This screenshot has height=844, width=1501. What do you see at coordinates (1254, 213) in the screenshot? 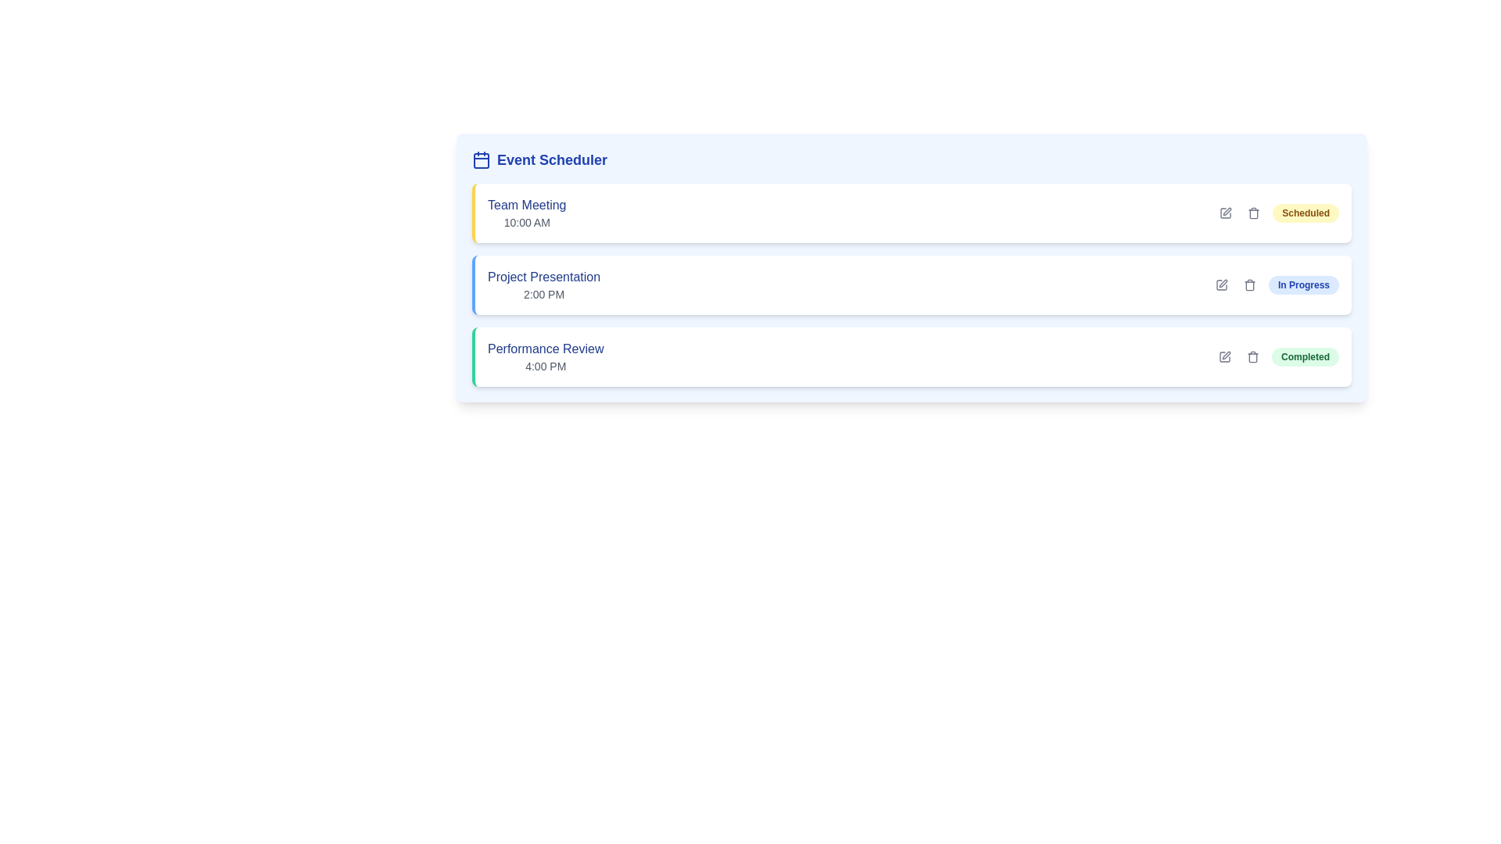
I see `the circular trash button located at the right side of the 'Team Meeting' row to change its background color` at bounding box center [1254, 213].